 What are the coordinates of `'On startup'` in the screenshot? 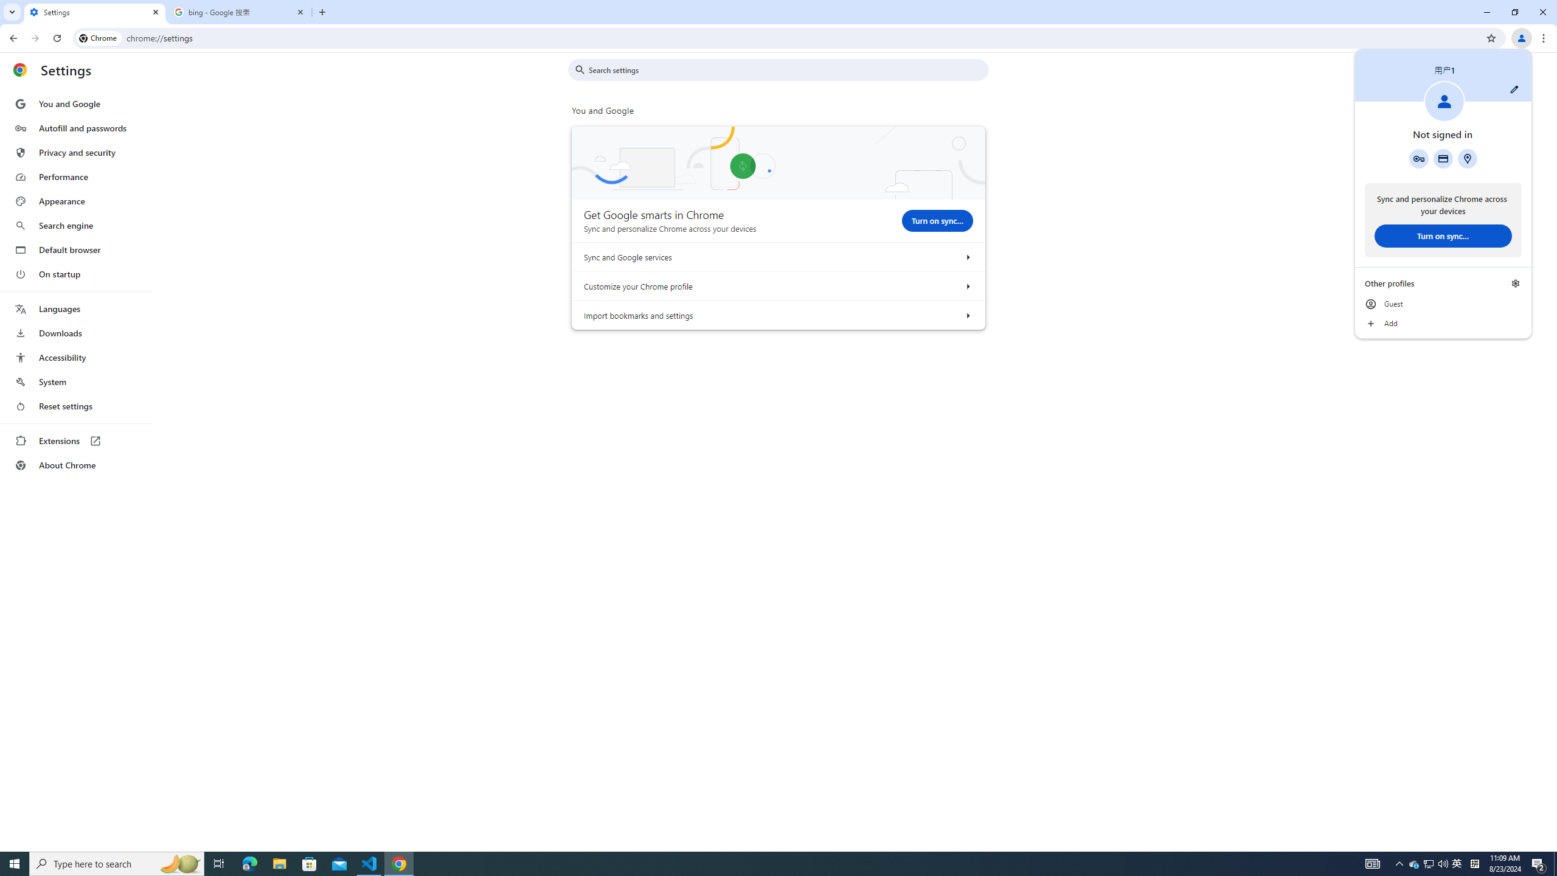 It's located at (75, 273).